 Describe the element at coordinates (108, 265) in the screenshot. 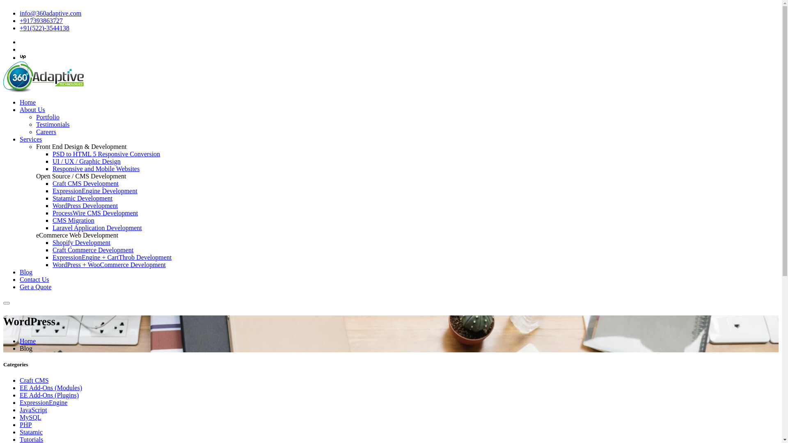

I see `'WordPress + WooCommerce Development'` at that location.